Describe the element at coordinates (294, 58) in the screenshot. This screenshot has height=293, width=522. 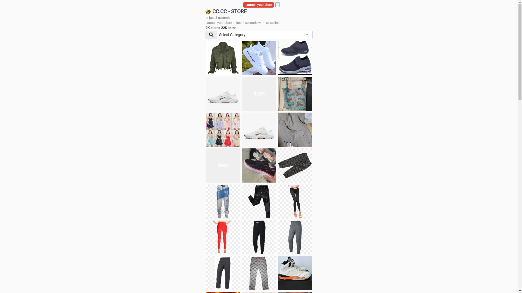
I see `'shoes for boys'` at that location.